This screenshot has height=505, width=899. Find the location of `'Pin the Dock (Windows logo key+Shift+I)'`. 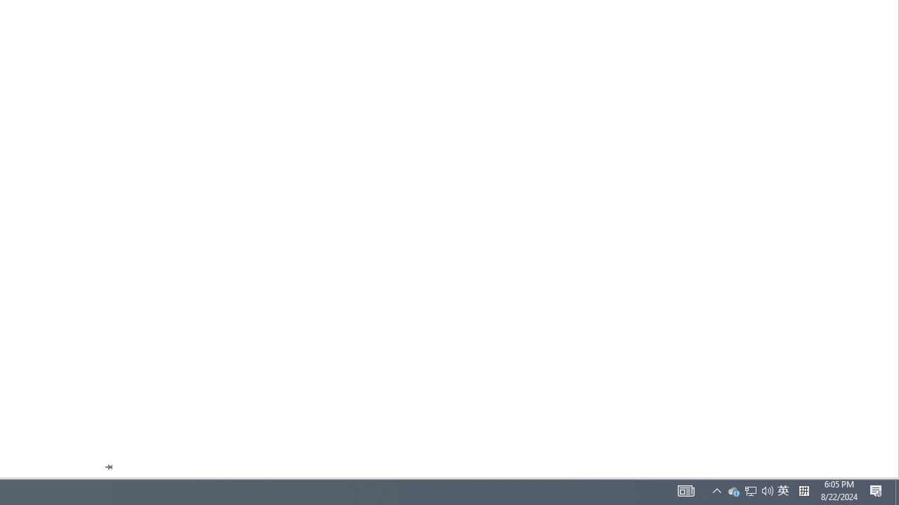

'Pin the Dock (Windows logo key+Shift+I)' is located at coordinates (107, 467).